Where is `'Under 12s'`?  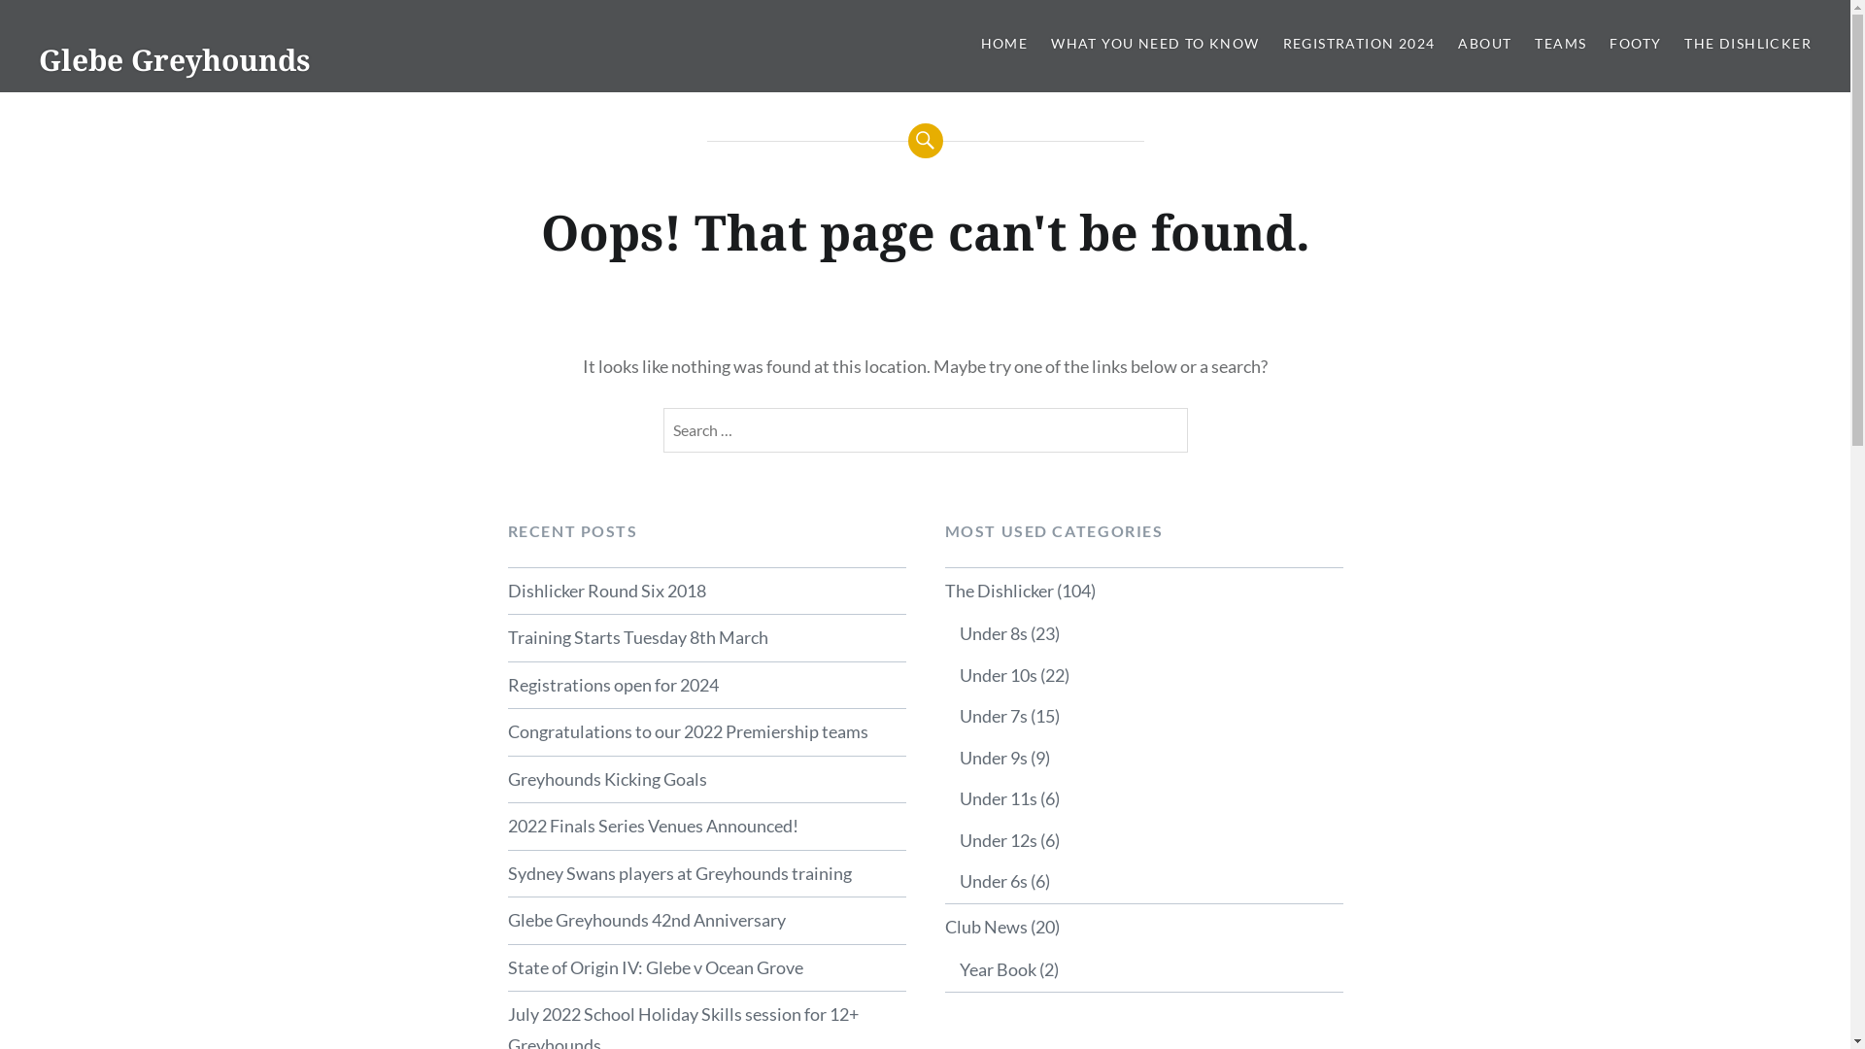 'Under 12s' is located at coordinates (998, 838).